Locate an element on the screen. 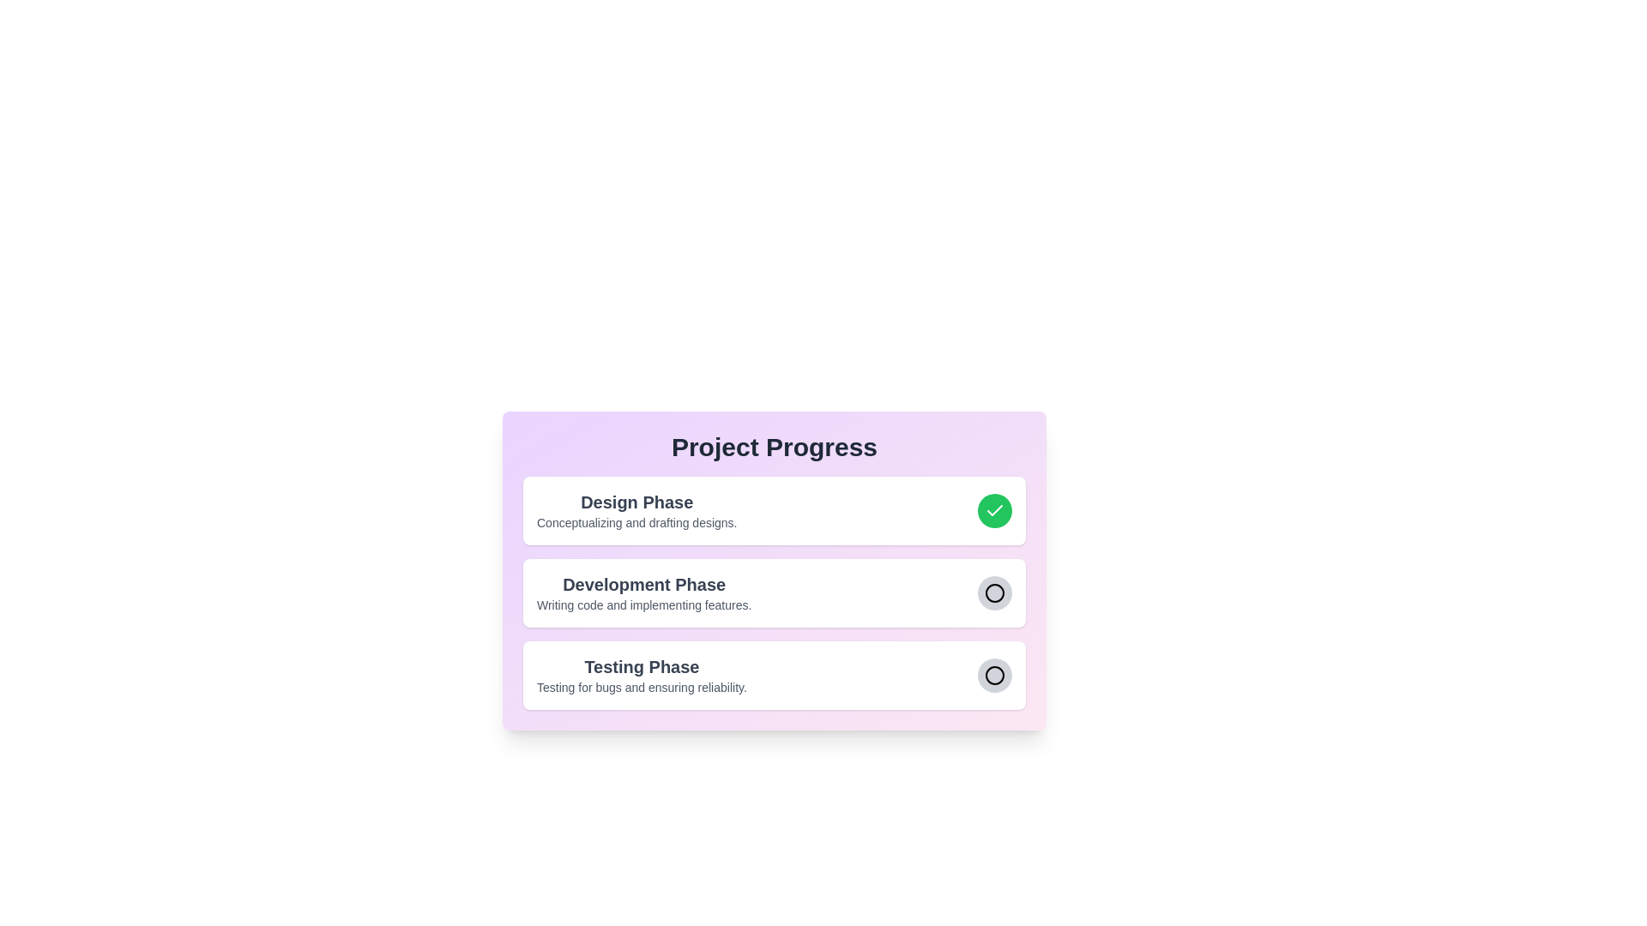 This screenshot has height=926, width=1647. the Circular Progress Indicator located to the right of the 'Development Phase' section, which aligns with the text 'Writing code and implementing features.' is located at coordinates (988, 592).